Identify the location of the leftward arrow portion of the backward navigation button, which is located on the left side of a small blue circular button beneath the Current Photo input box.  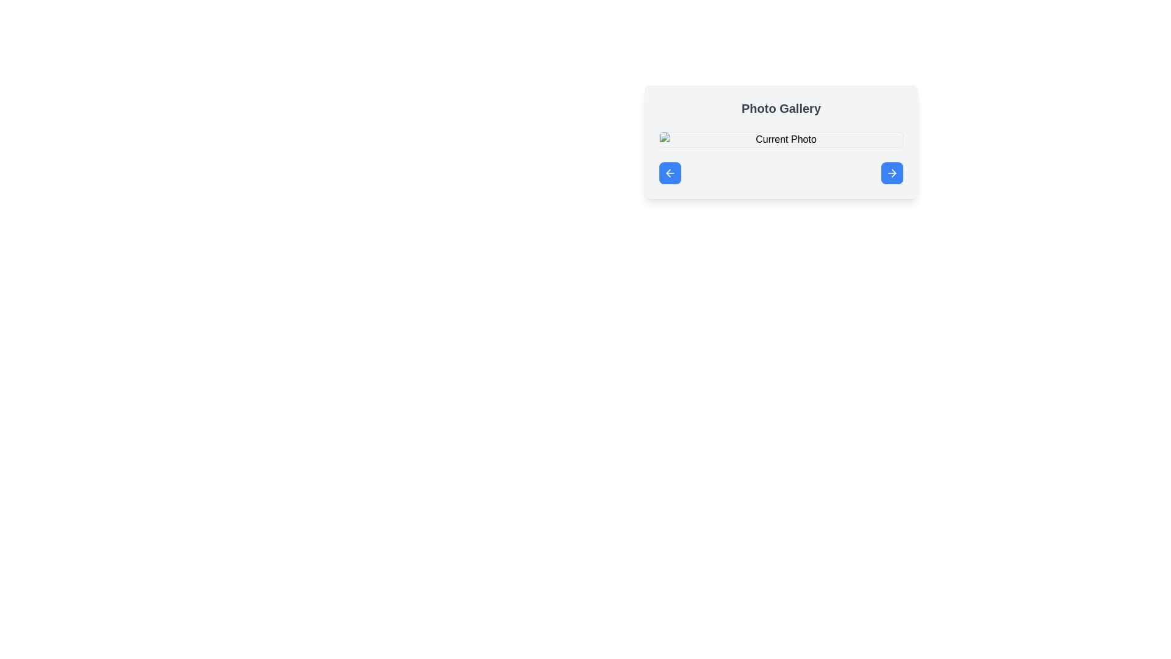
(668, 173).